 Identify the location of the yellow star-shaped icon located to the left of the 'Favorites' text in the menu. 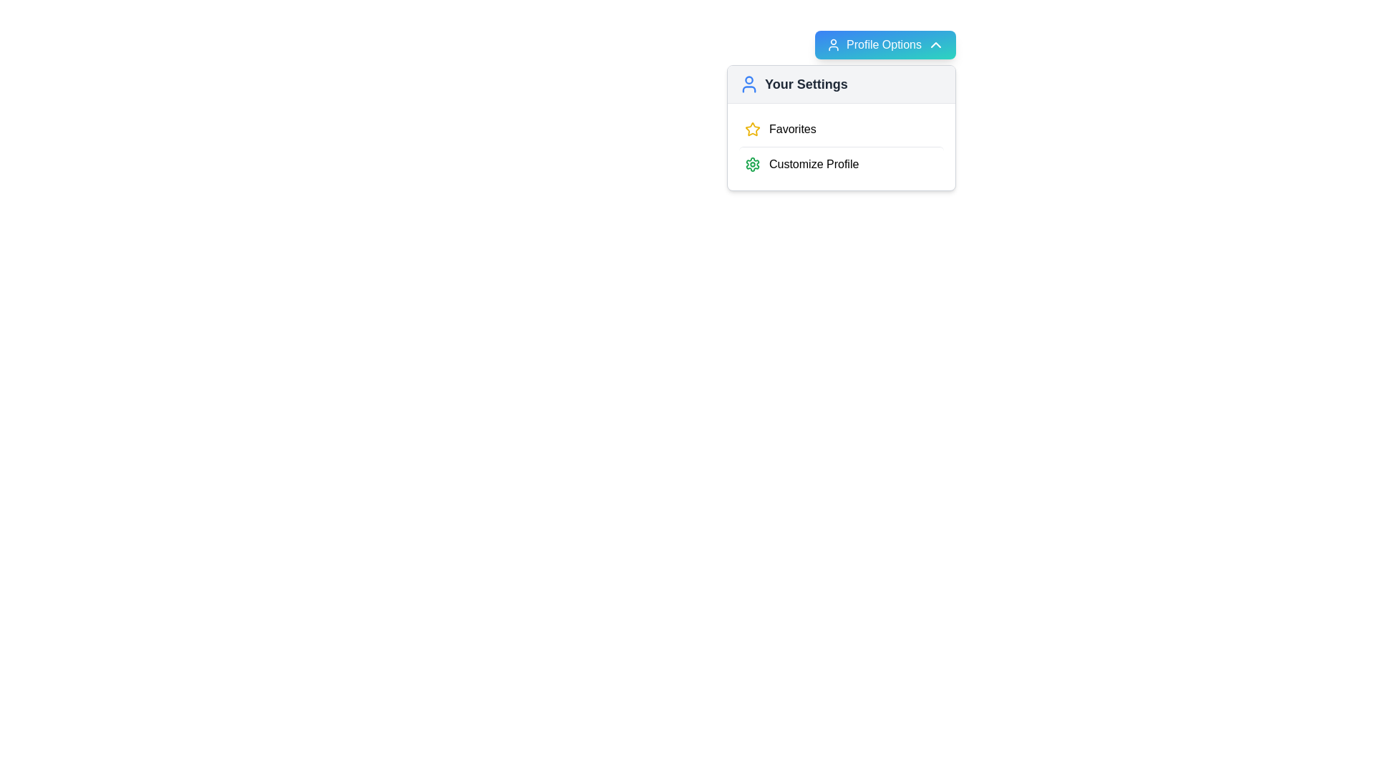
(751, 130).